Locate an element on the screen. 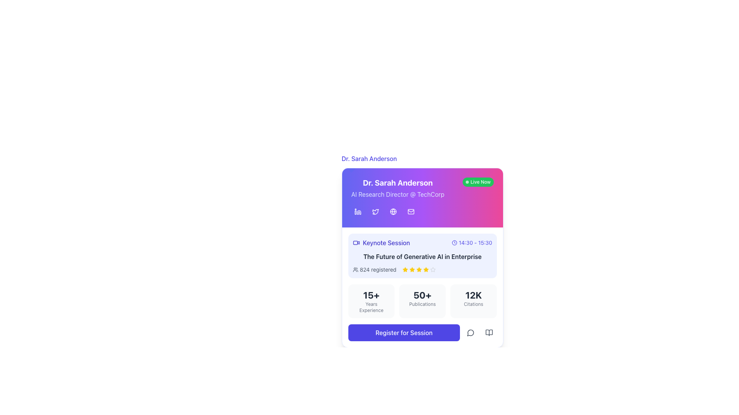 The height and width of the screenshot is (415, 739). the Twitter icon, which is a stylized bird on a purple background is located at coordinates (375, 212).